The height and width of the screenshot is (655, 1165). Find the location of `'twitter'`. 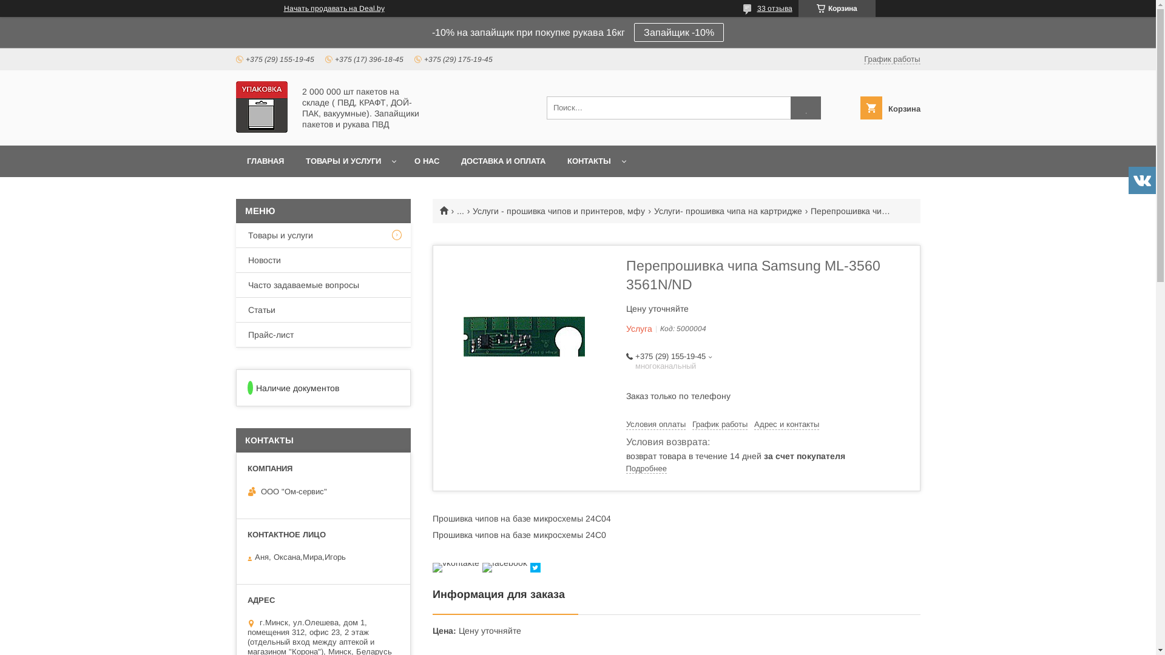

'twitter' is located at coordinates (535, 569).